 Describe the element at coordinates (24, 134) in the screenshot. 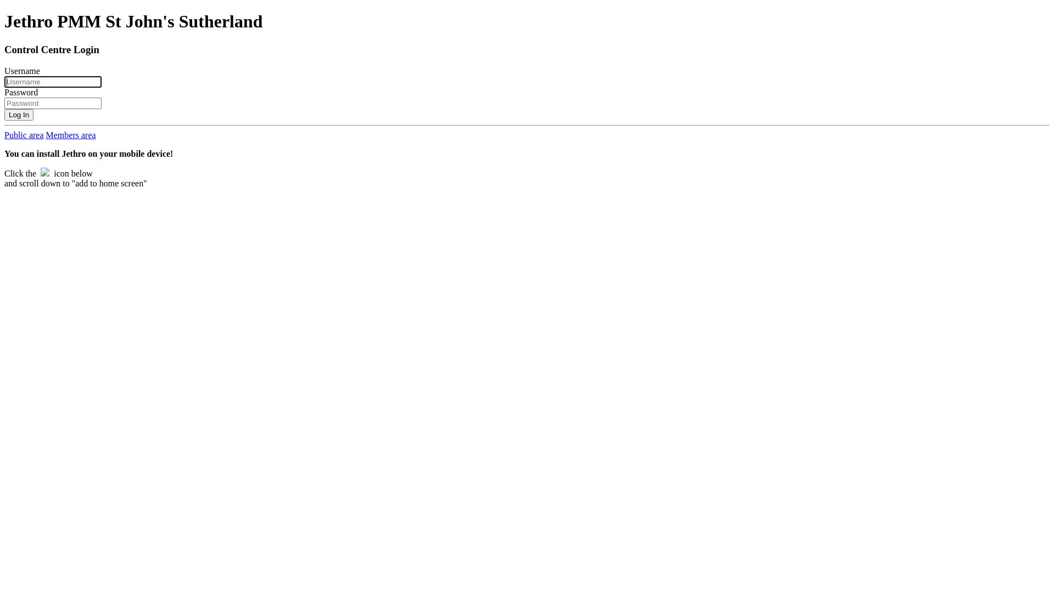

I see `'Public area'` at that location.